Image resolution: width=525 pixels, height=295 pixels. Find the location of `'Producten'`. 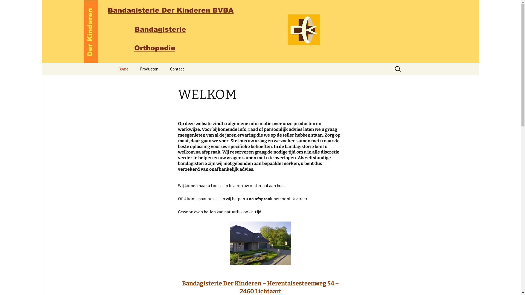

'Producten' is located at coordinates (149, 69).